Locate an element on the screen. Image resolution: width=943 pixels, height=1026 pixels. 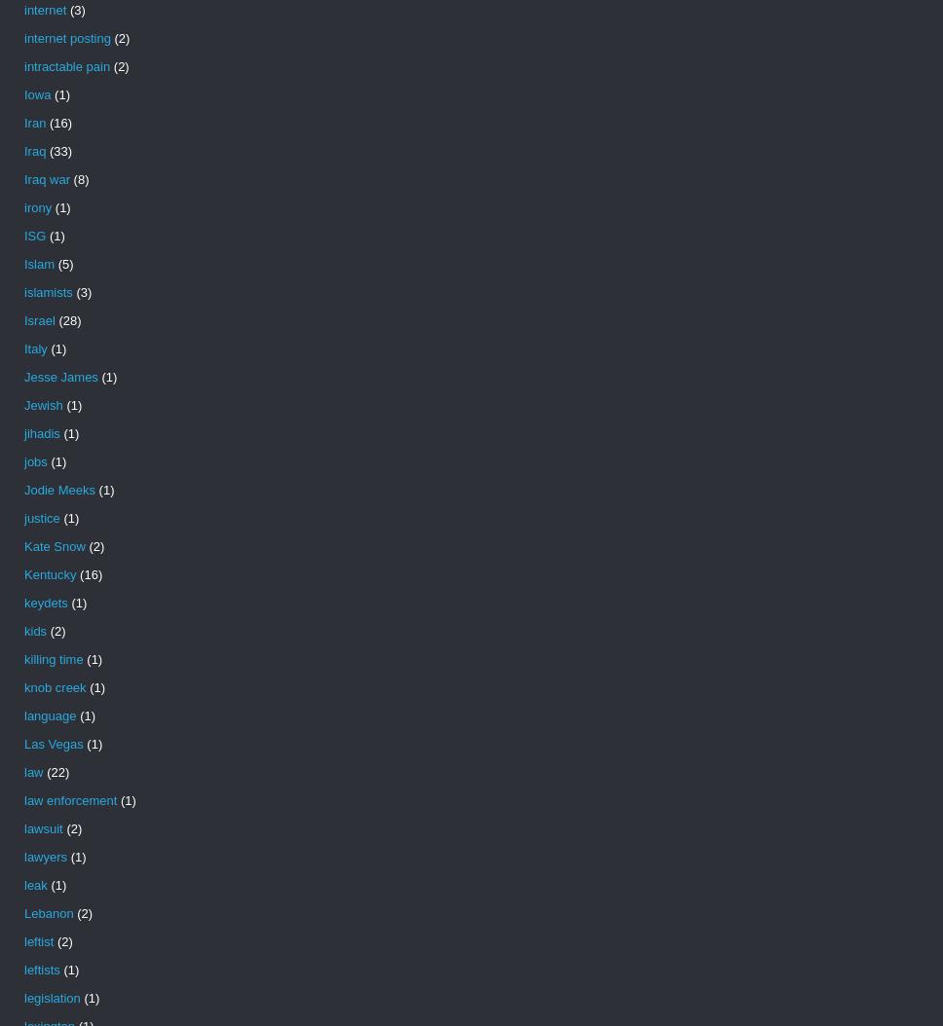
'killing time' is located at coordinates (52, 659).